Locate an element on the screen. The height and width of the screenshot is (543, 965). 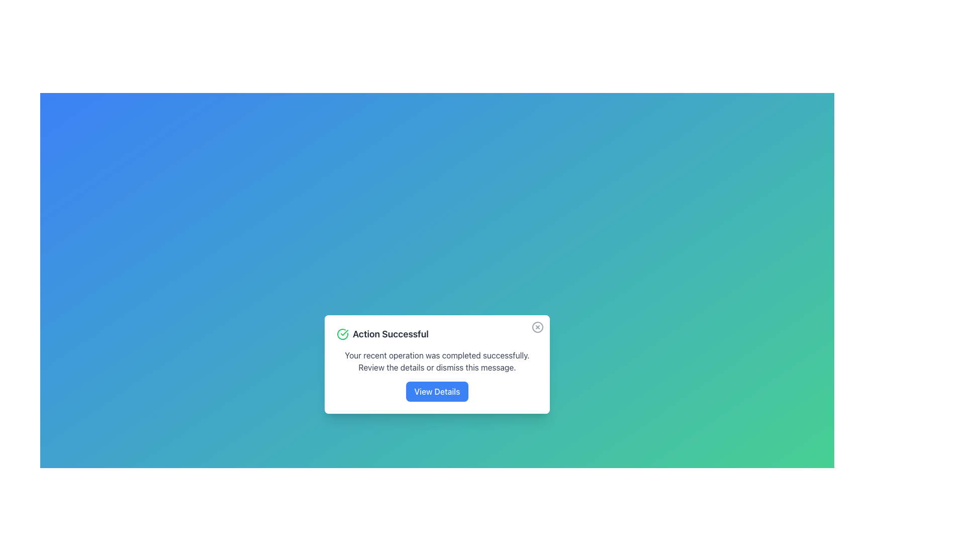
the small circular gray button that turns red when hovered, located at the top-right corner of the modal dialog displaying 'Action Successful' is located at coordinates (537, 327).